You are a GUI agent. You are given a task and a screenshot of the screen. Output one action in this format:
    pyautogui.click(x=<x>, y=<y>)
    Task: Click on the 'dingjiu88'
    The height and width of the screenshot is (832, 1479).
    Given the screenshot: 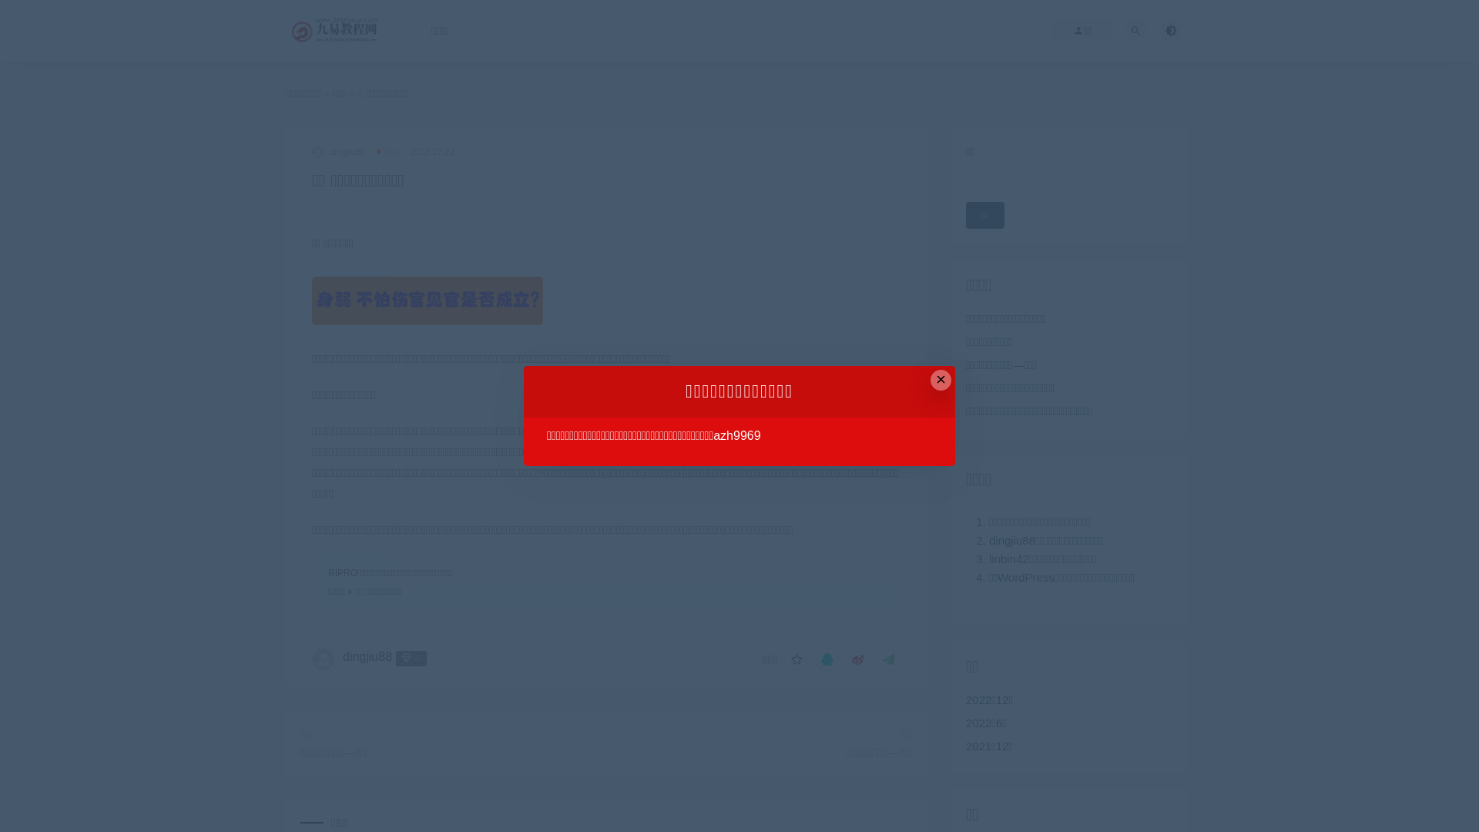 What is the action you would take?
    pyautogui.click(x=337, y=151)
    